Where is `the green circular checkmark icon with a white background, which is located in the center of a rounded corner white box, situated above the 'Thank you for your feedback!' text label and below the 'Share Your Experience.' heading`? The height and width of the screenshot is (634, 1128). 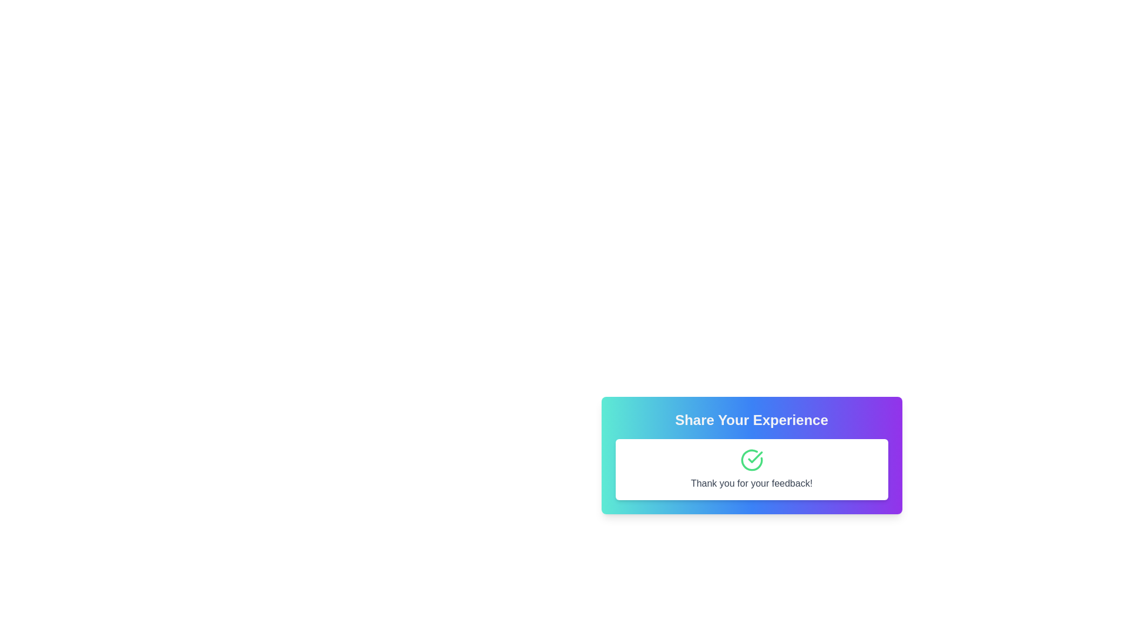
the green circular checkmark icon with a white background, which is located in the center of a rounded corner white box, situated above the 'Thank you for your feedback!' text label and below the 'Share Your Experience.' heading is located at coordinates (751, 459).